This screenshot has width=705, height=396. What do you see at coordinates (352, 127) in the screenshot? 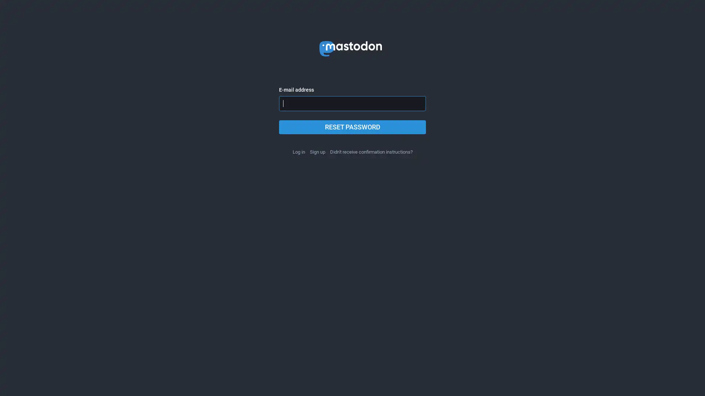
I see `RESET PASSWORD` at bounding box center [352, 127].